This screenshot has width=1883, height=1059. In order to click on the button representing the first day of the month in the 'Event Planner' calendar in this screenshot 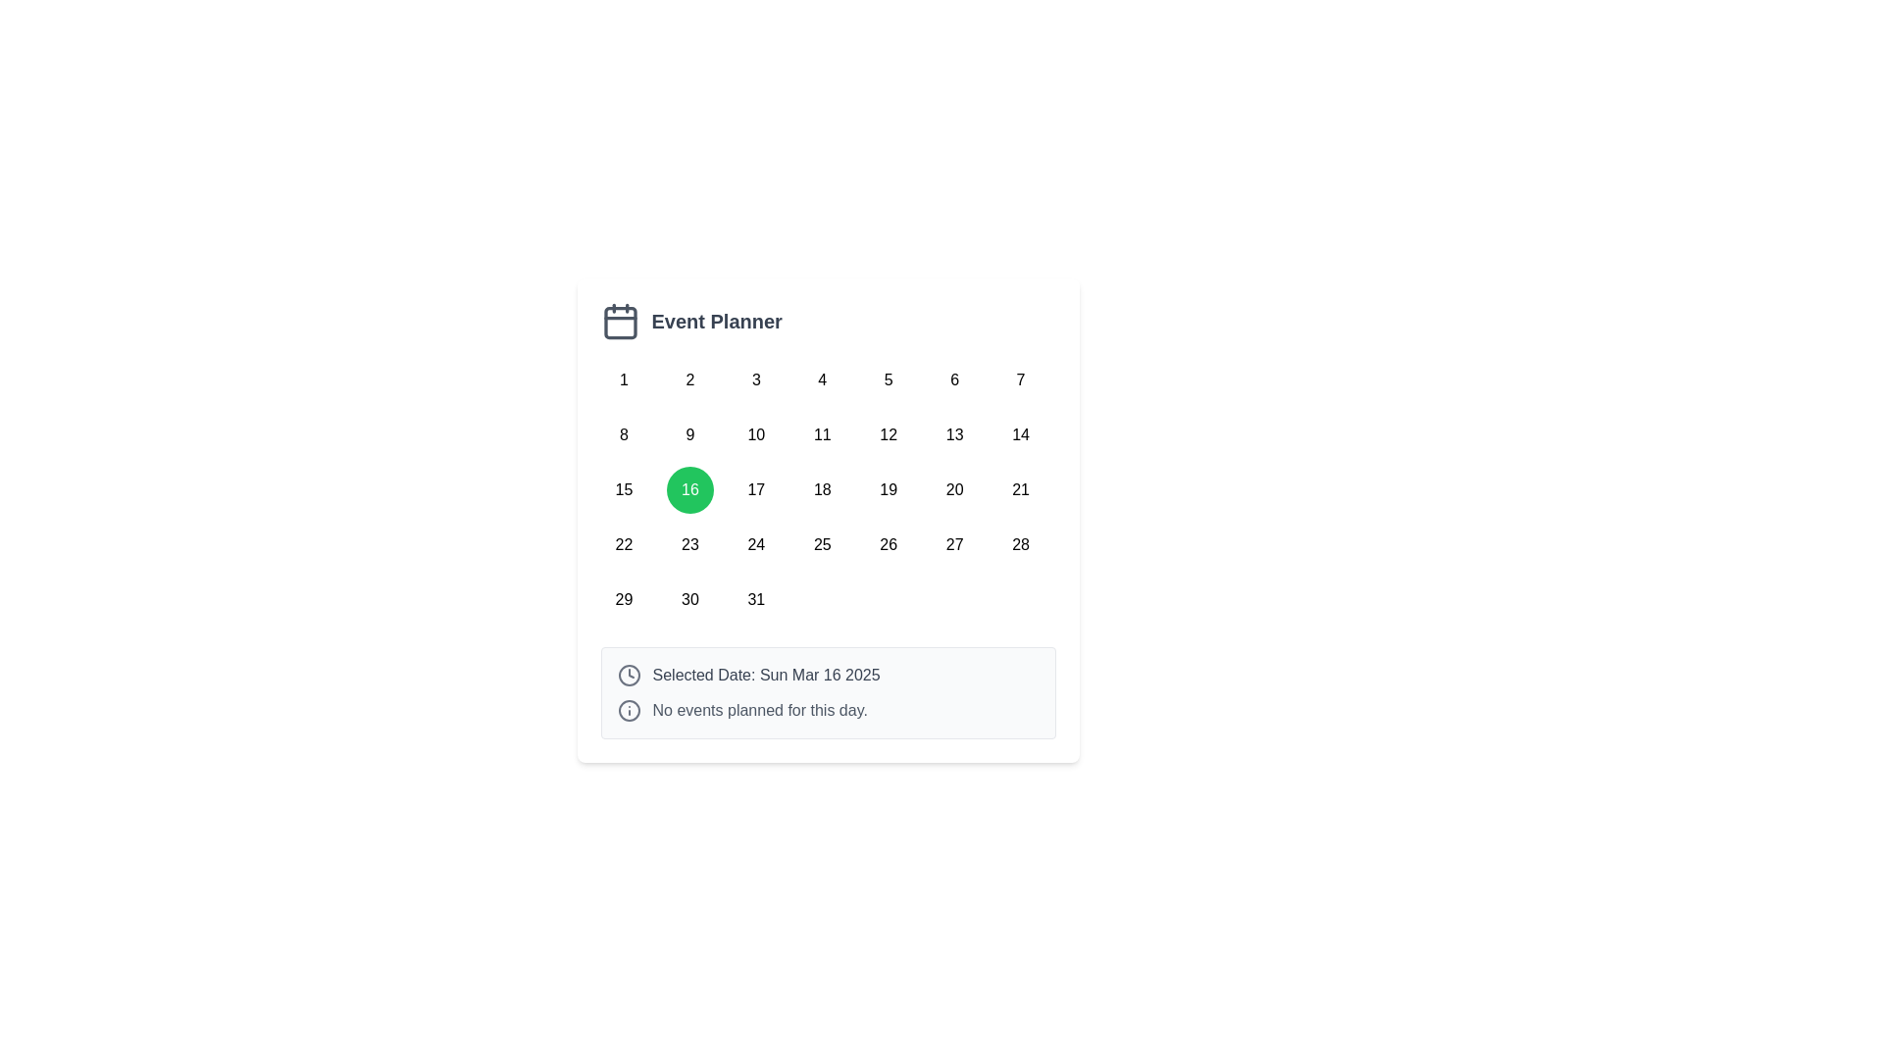, I will do `click(623, 380)`.